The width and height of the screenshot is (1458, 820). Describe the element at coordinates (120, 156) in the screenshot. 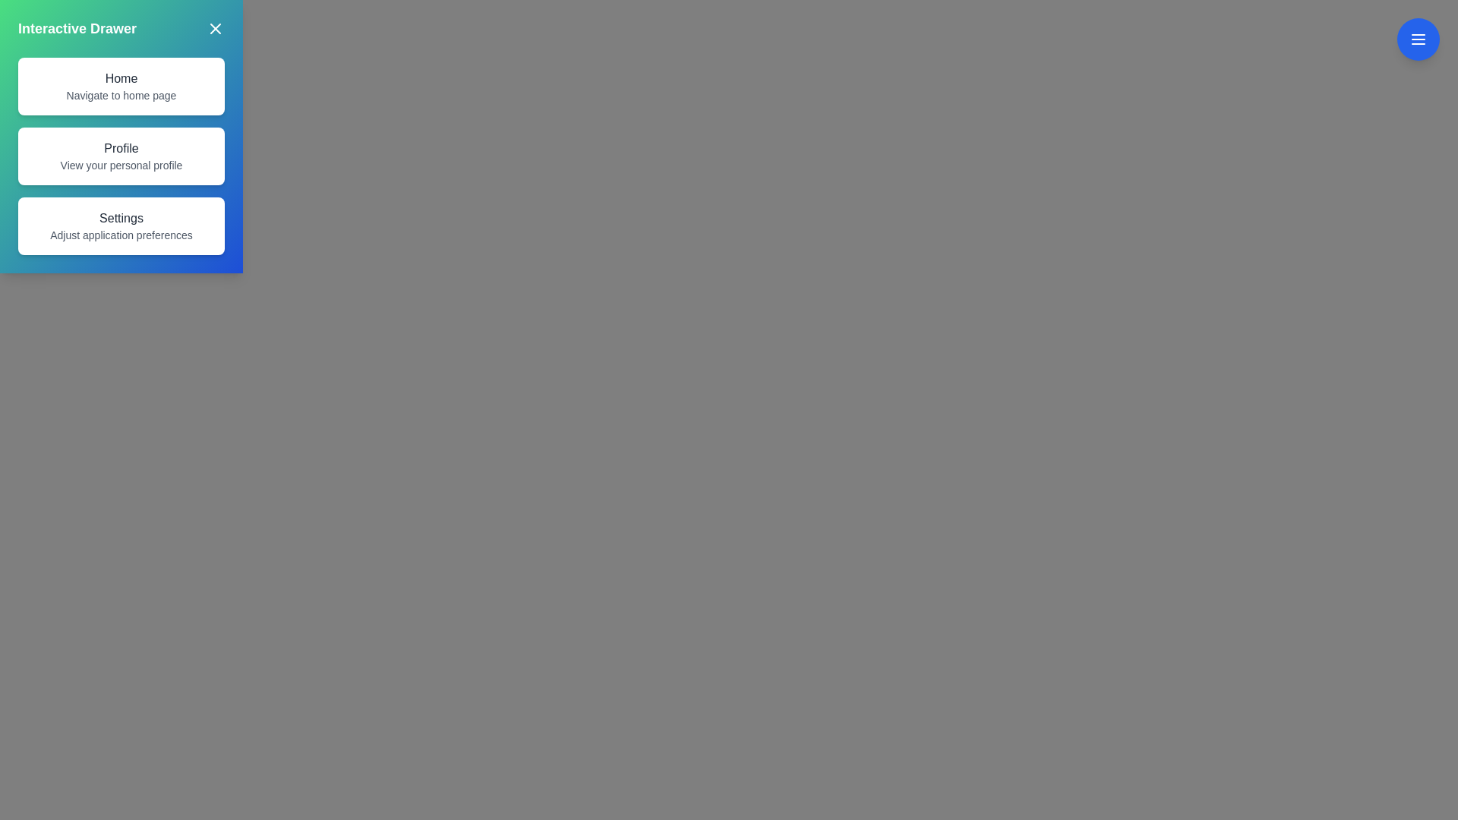

I see `the 'Profile' menu item, which is the second item in the vertical menu` at that location.